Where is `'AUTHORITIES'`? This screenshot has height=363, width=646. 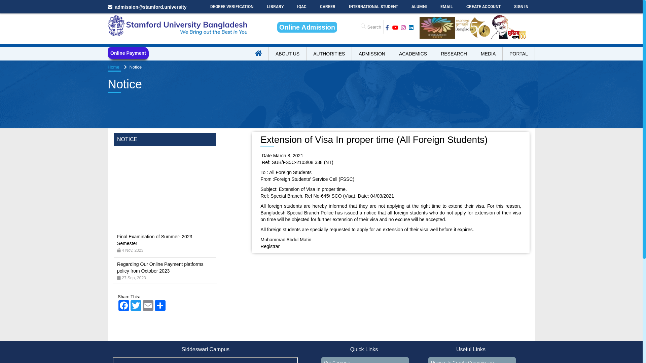
'AUTHORITIES' is located at coordinates (329, 53).